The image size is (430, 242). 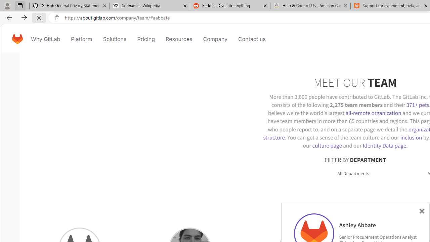 What do you see at coordinates (179, 39) in the screenshot?
I see `'Resources'` at bounding box center [179, 39].